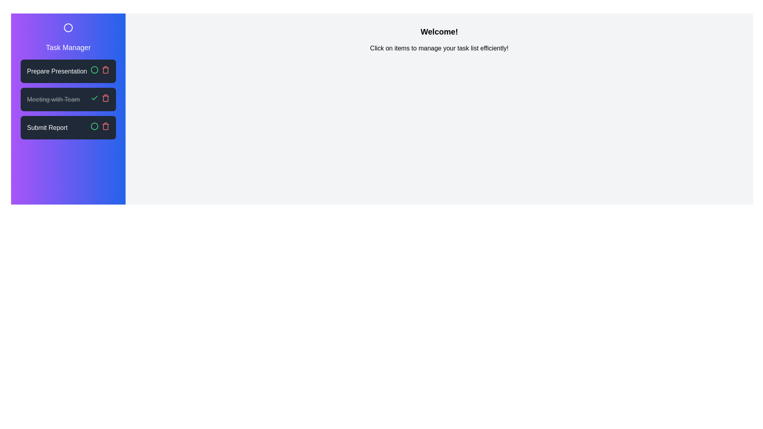  What do you see at coordinates (105, 97) in the screenshot?
I see `the delete button for the task Meeting with Team` at bounding box center [105, 97].